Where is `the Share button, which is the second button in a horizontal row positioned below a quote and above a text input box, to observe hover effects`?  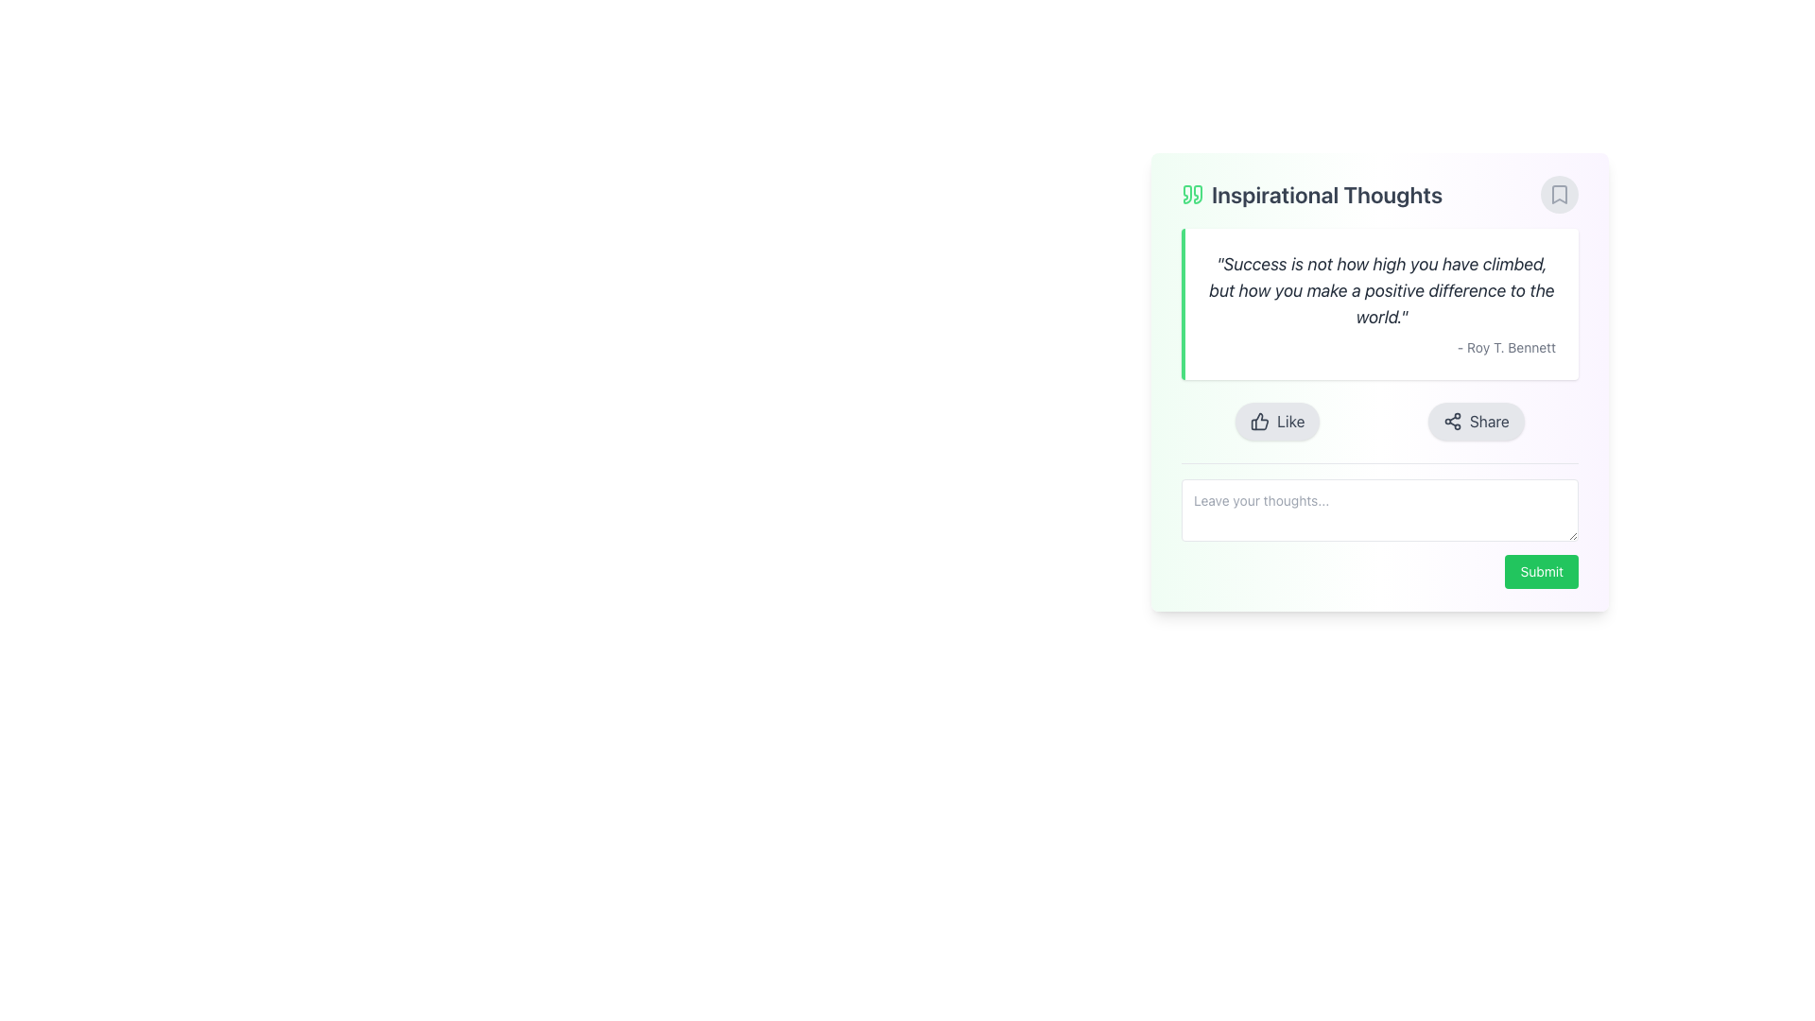
the Share button, which is the second button in a horizontal row positioned below a quote and above a text input box, to observe hover effects is located at coordinates (1475, 421).